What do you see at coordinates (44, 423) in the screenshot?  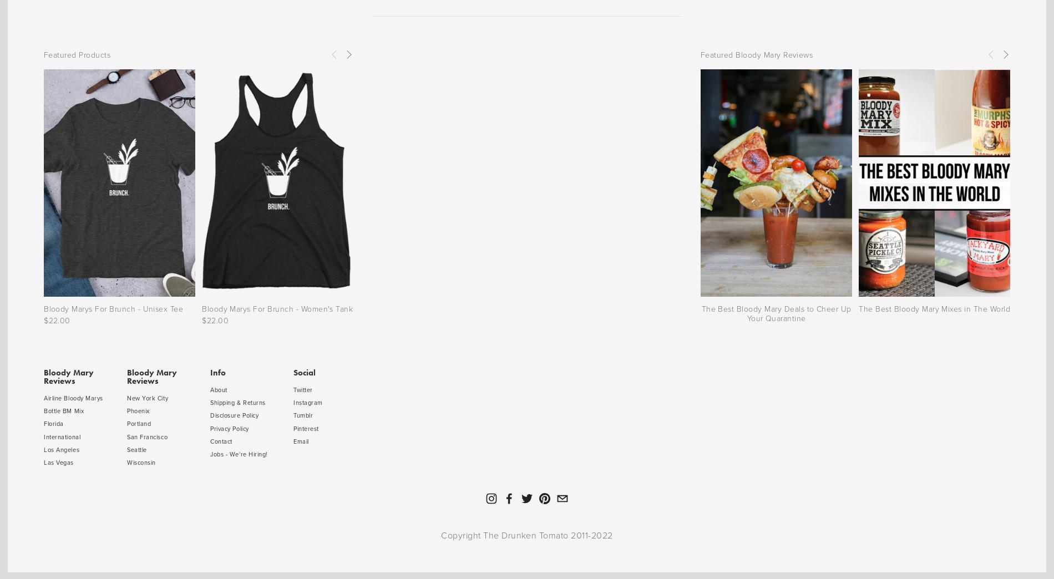 I see `'Florida'` at bounding box center [44, 423].